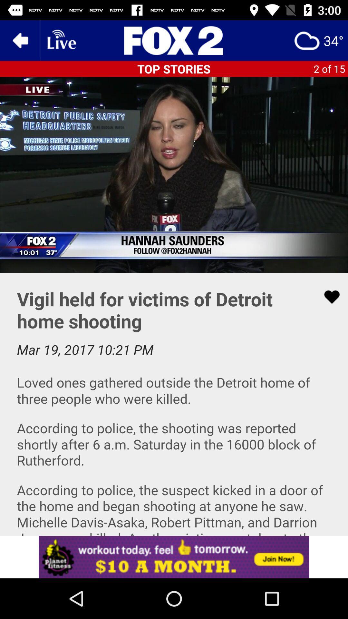  What do you see at coordinates (20, 40) in the screenshot?
I see `the arrow_backward icon` at bounding box center [20, 40].